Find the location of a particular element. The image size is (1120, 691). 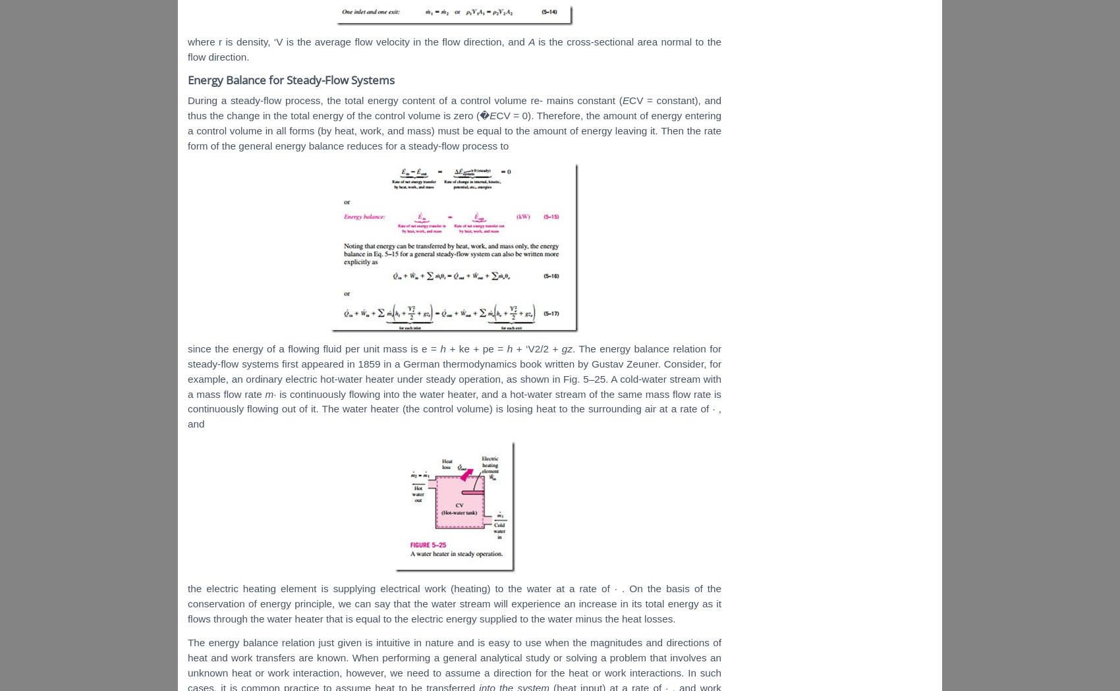

'is continuously flowing into the water heater, and a hot-water stream of' is located at coordinates (278, 393).